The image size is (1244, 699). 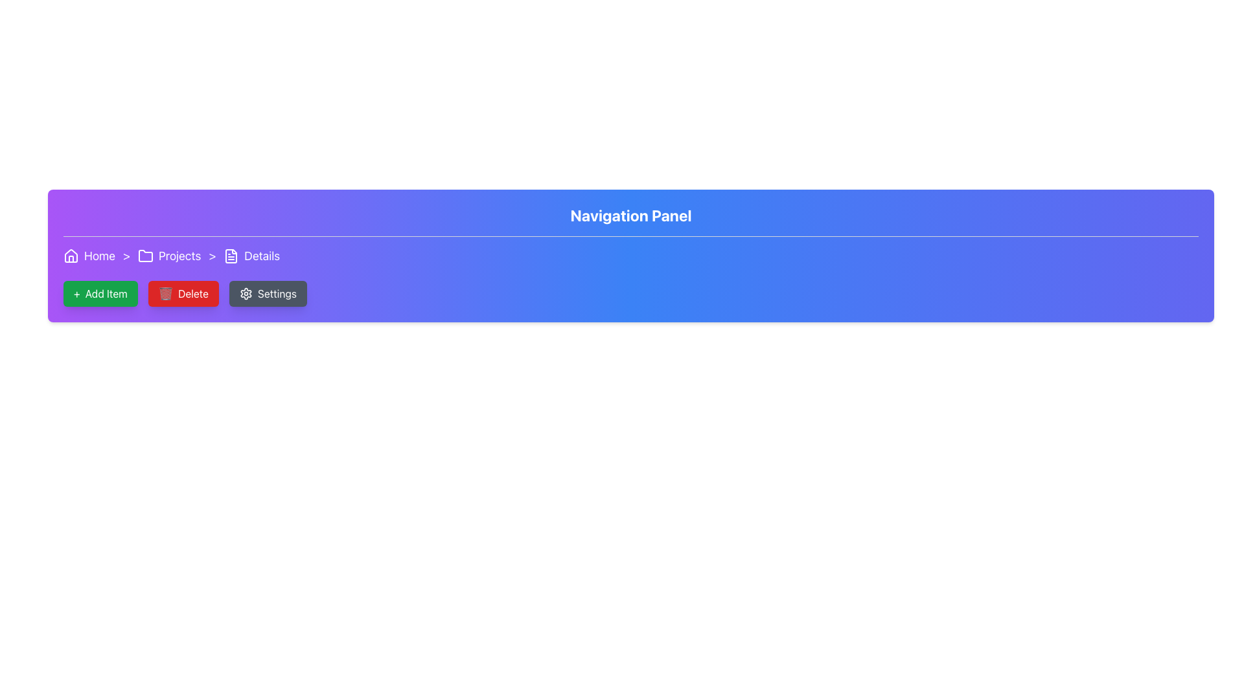 I want to click on the Breadcrumb Separator that visually indicates hierarchy between 'Projects' and 'Details' in the breadcrumb navigation, so click(x=126, y=256).